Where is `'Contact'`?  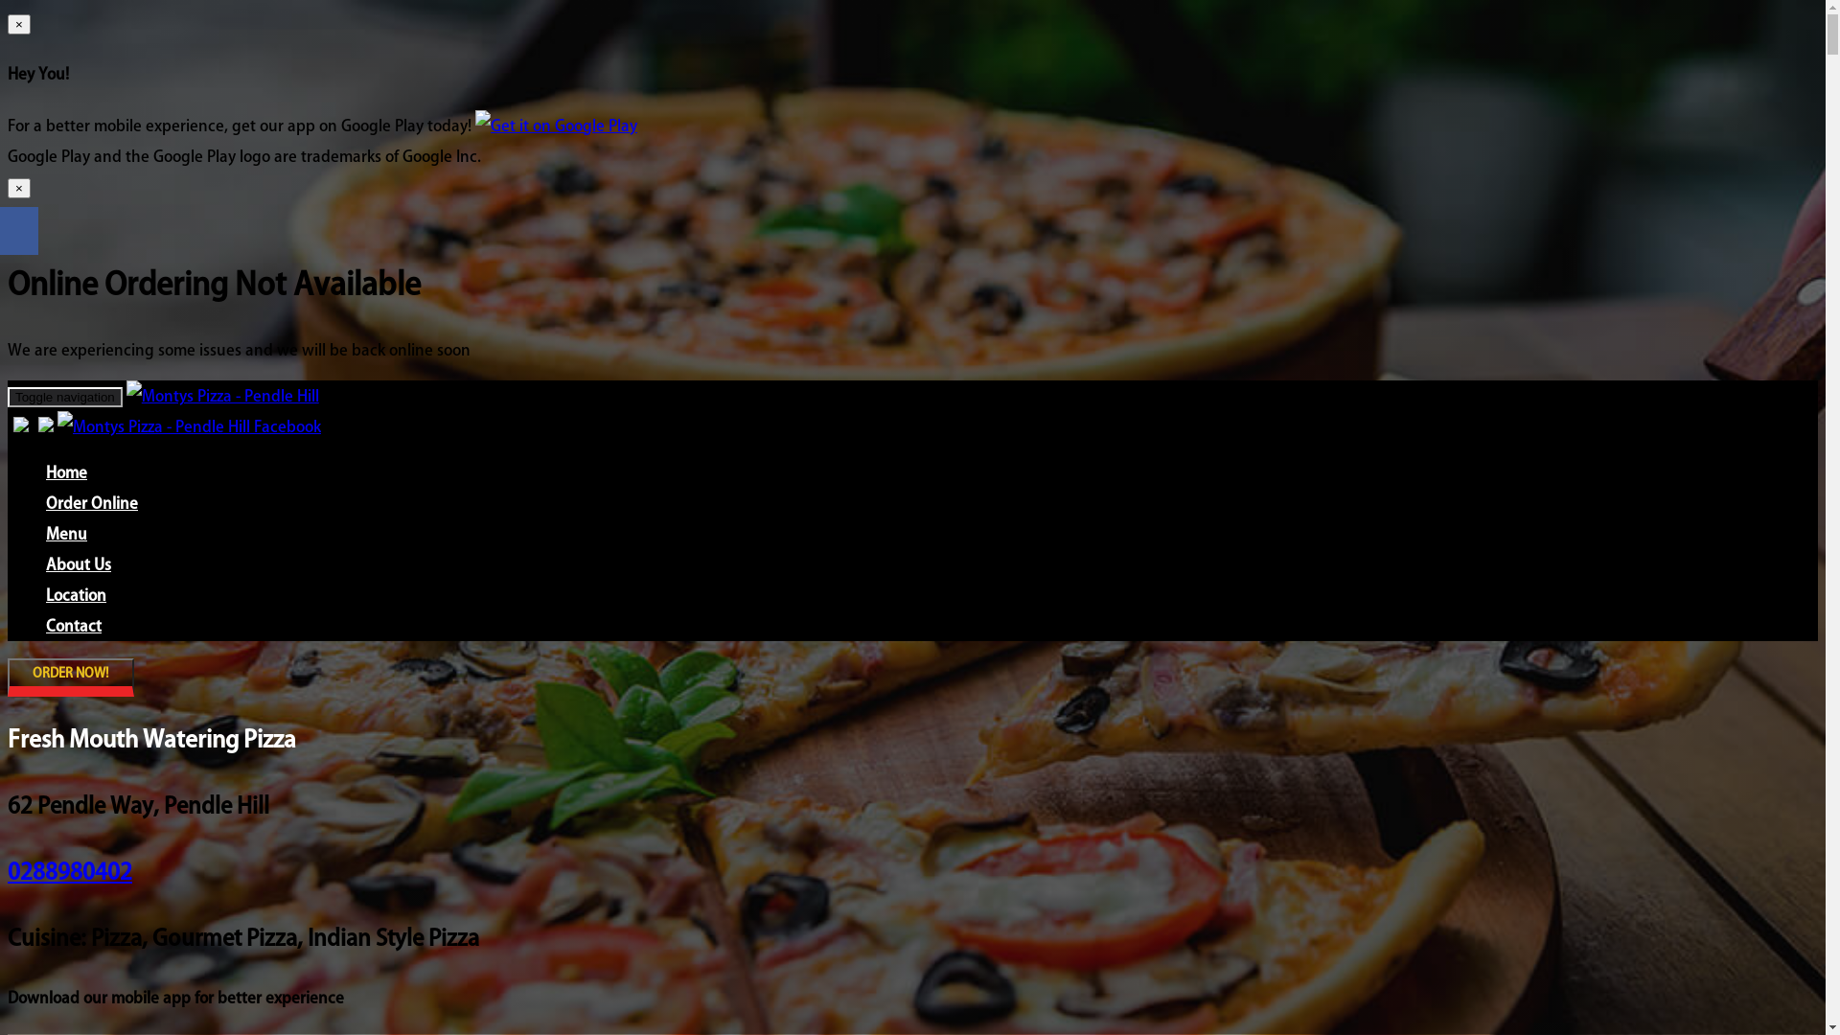 'Contact' is located at coordinates (73, 625).